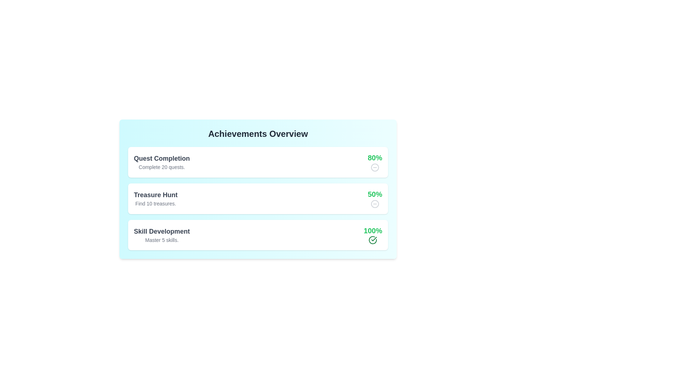  I want to click on the static text label located beneath the 'Treasure Hunt' heading, which specifies the objective of finding 10 treasures, so click(155, 204).